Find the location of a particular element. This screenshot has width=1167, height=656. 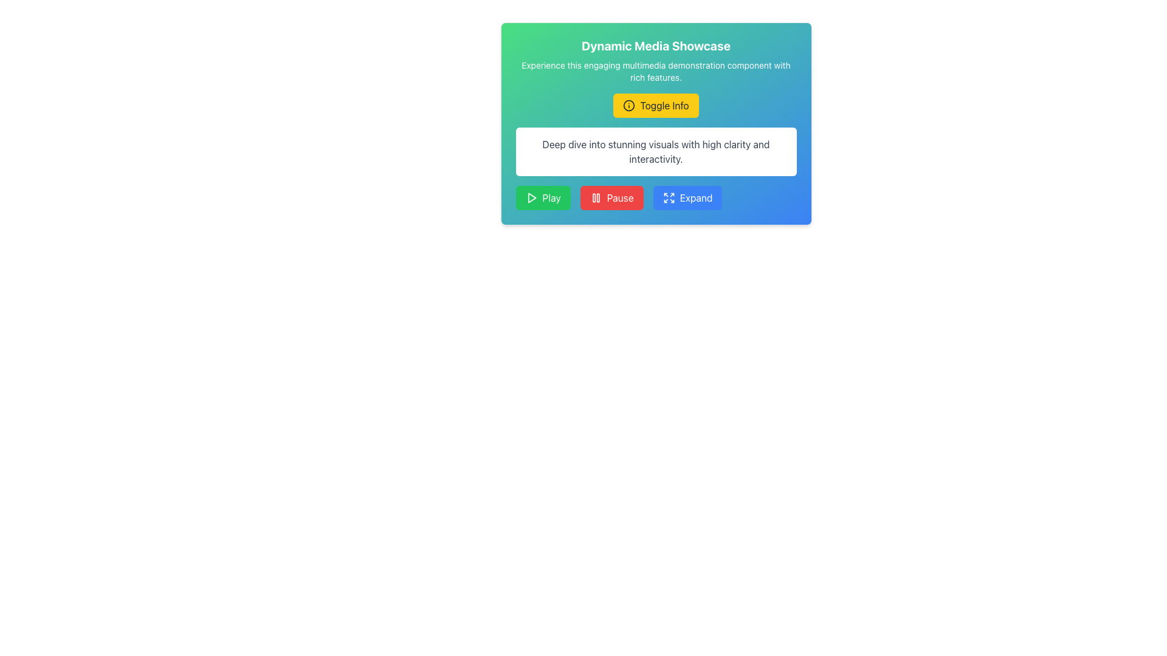

the text label that reads 'Deep dive into stunning visuals with high clarity and interactivity.' which is centered within a white rectangular background is located at coordinates (655, 151).